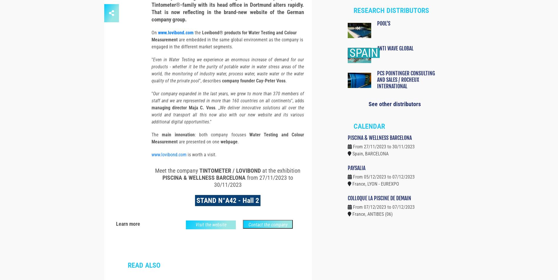  What do you see at coordinates (155, 43) in the screenshot?
I see `'On'` at bounding box center [155, 43].